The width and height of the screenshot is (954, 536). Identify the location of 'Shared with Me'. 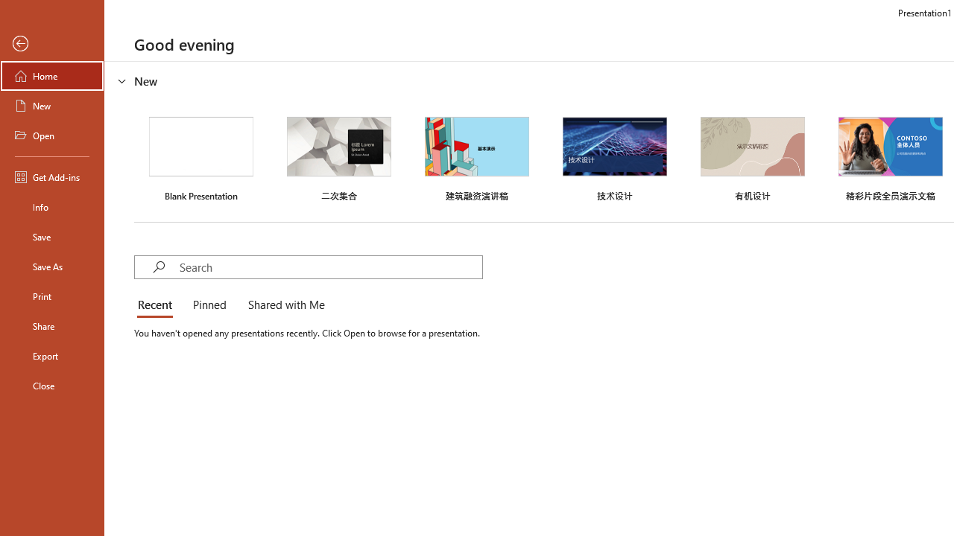
(283, 305).